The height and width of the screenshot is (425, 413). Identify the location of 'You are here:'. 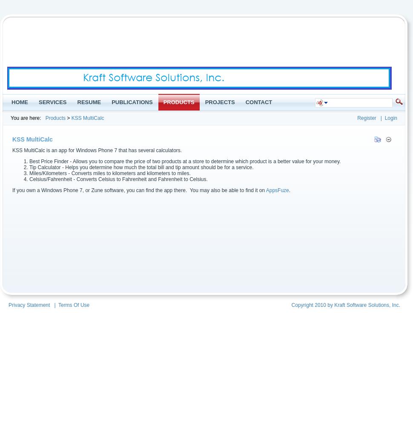
(25, 118).